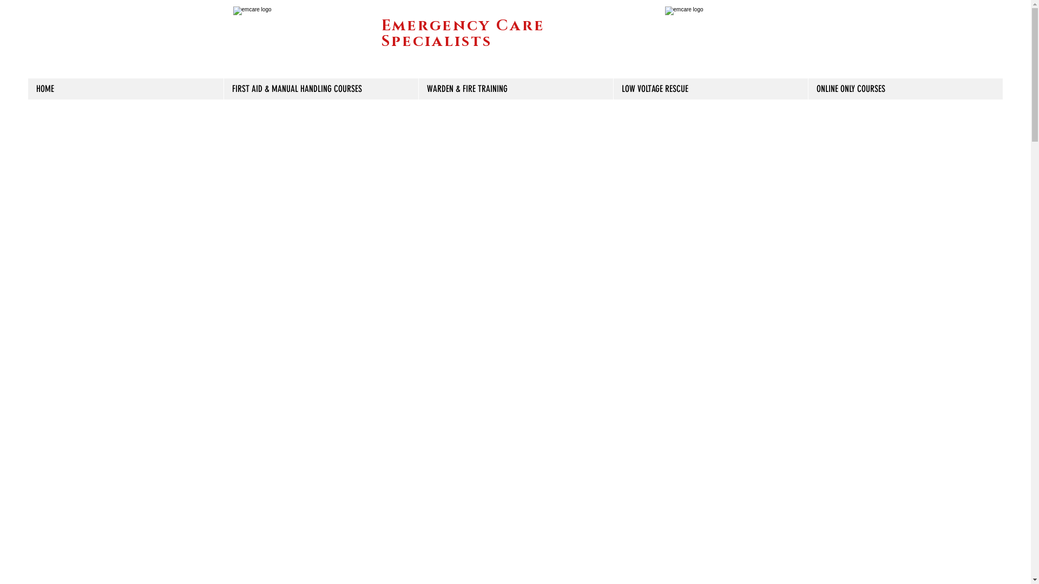 This screenshot has height=584, width=1039. Describe the element at coordinates (320, 88) in the screenshot. I see `'FIRST AID & MANUAL HANDLING COURSES'` at that location.